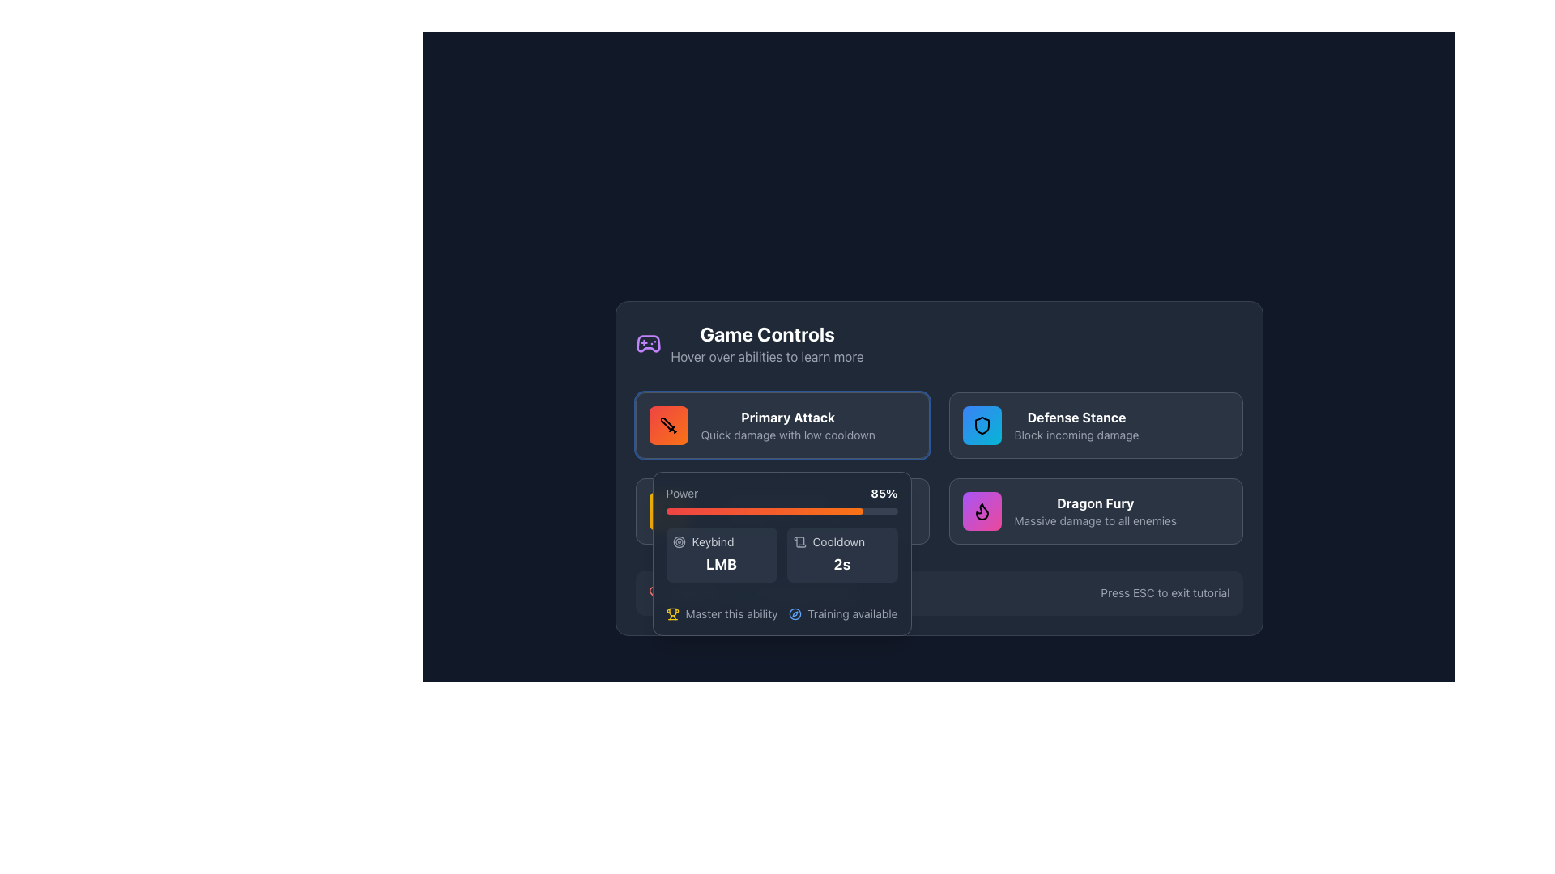 The height and width of the screenshot is (874, 1555). Describe the element at coordinates (766, 355) in the screenshot. I see `the informational text that reads 'Hover over abilities to learn more', which is styled in light gray and located below the 'Game Controls' header` at that location.